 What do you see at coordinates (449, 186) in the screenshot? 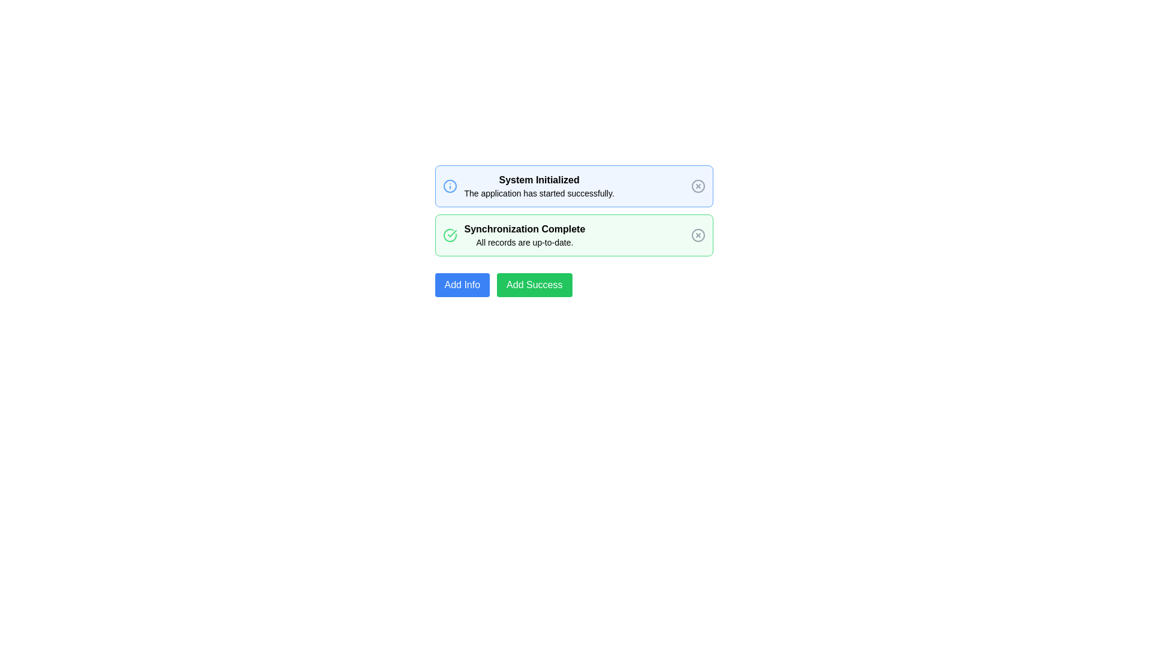
I see `the informational icon in the first notification box labeled 'System Initialized', which is centrally located at the top and bottom boundaries of the box` at bounding box center [449, 186].